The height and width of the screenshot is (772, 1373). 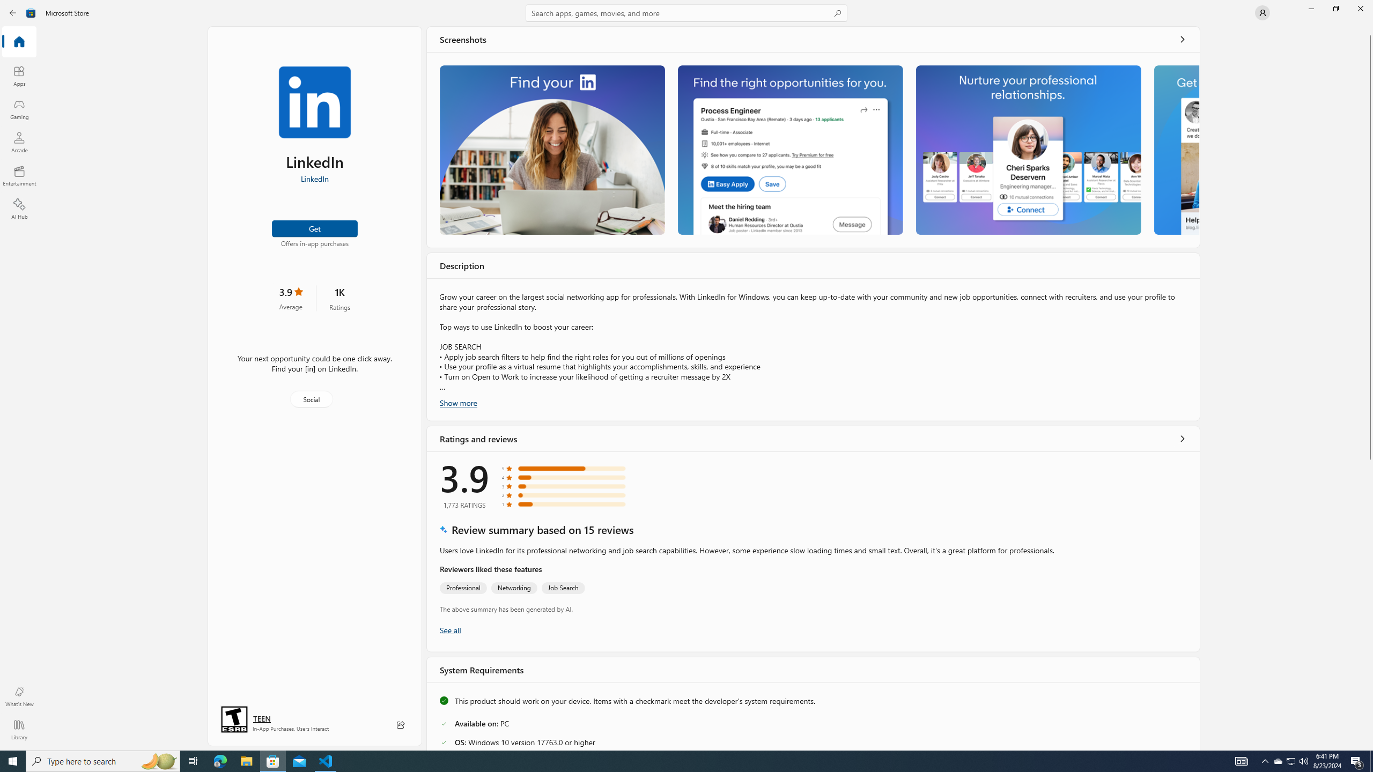 I want to click on 'Social', so click(x=310, y=398).